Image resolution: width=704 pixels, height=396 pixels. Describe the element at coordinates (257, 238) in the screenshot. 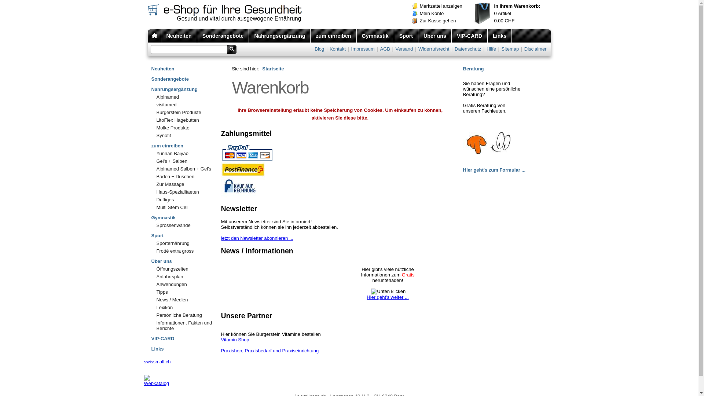

I see `'jetzt den Newsletter abonnieren ...'` at that location.